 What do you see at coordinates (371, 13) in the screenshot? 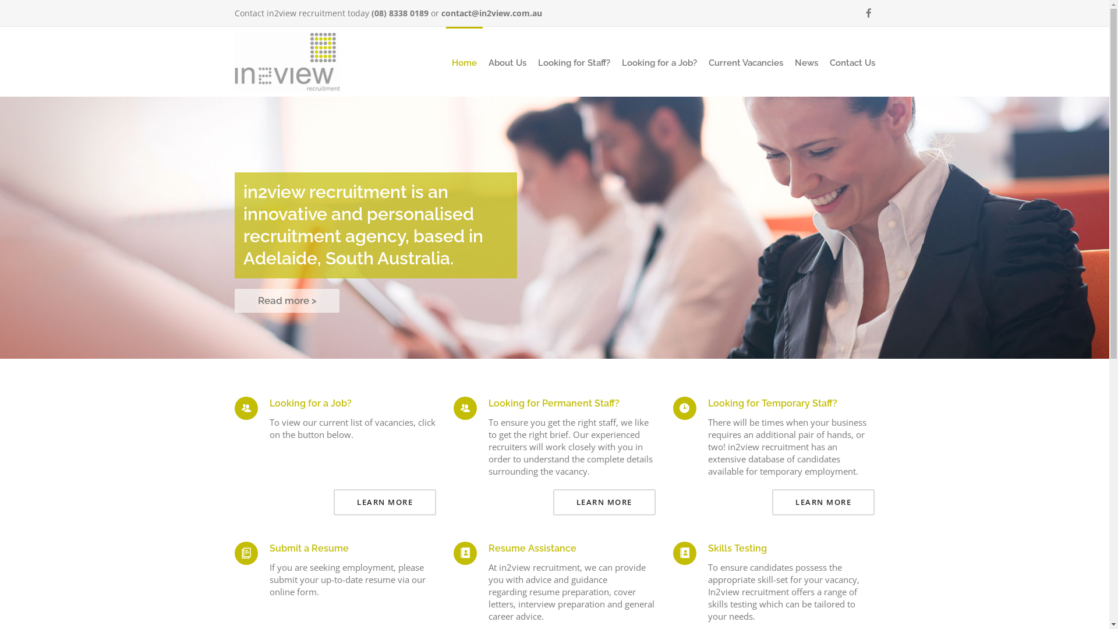
I see `'(08) 8338 0189'` at bounding box center [371, 13].